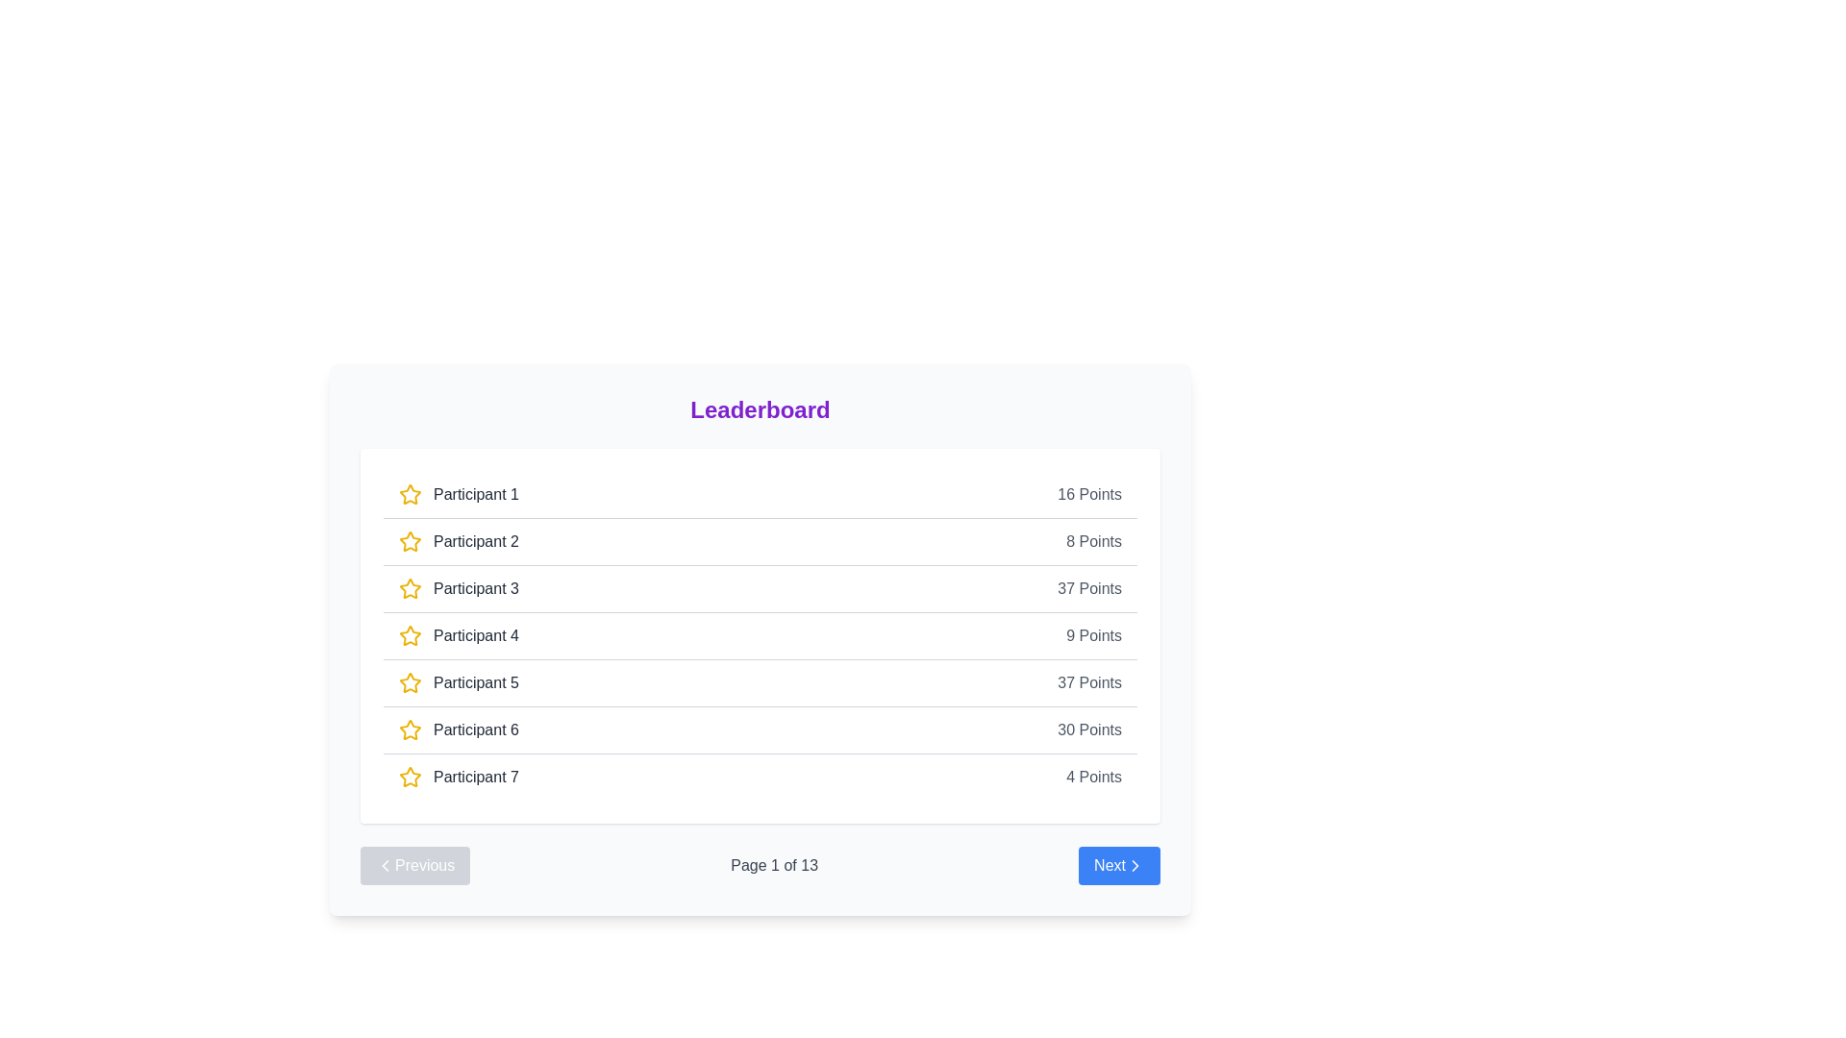  Describe the element at coordinates (410, 777) in the screenshot. I see `the star-shaped outline icon with a golden-yellow color located beside the text label 'Participant 7' in the leaderboard` at that location.